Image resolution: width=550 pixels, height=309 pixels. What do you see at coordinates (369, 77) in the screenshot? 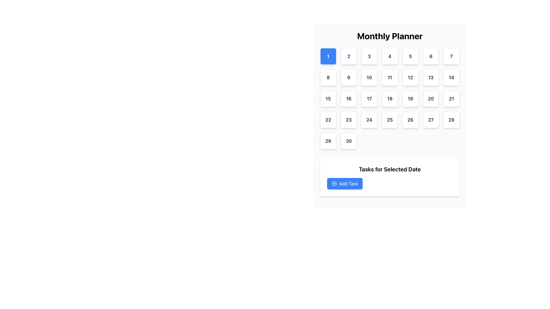
I see `the button representing the 10th day` at bounding box center [369, 77].